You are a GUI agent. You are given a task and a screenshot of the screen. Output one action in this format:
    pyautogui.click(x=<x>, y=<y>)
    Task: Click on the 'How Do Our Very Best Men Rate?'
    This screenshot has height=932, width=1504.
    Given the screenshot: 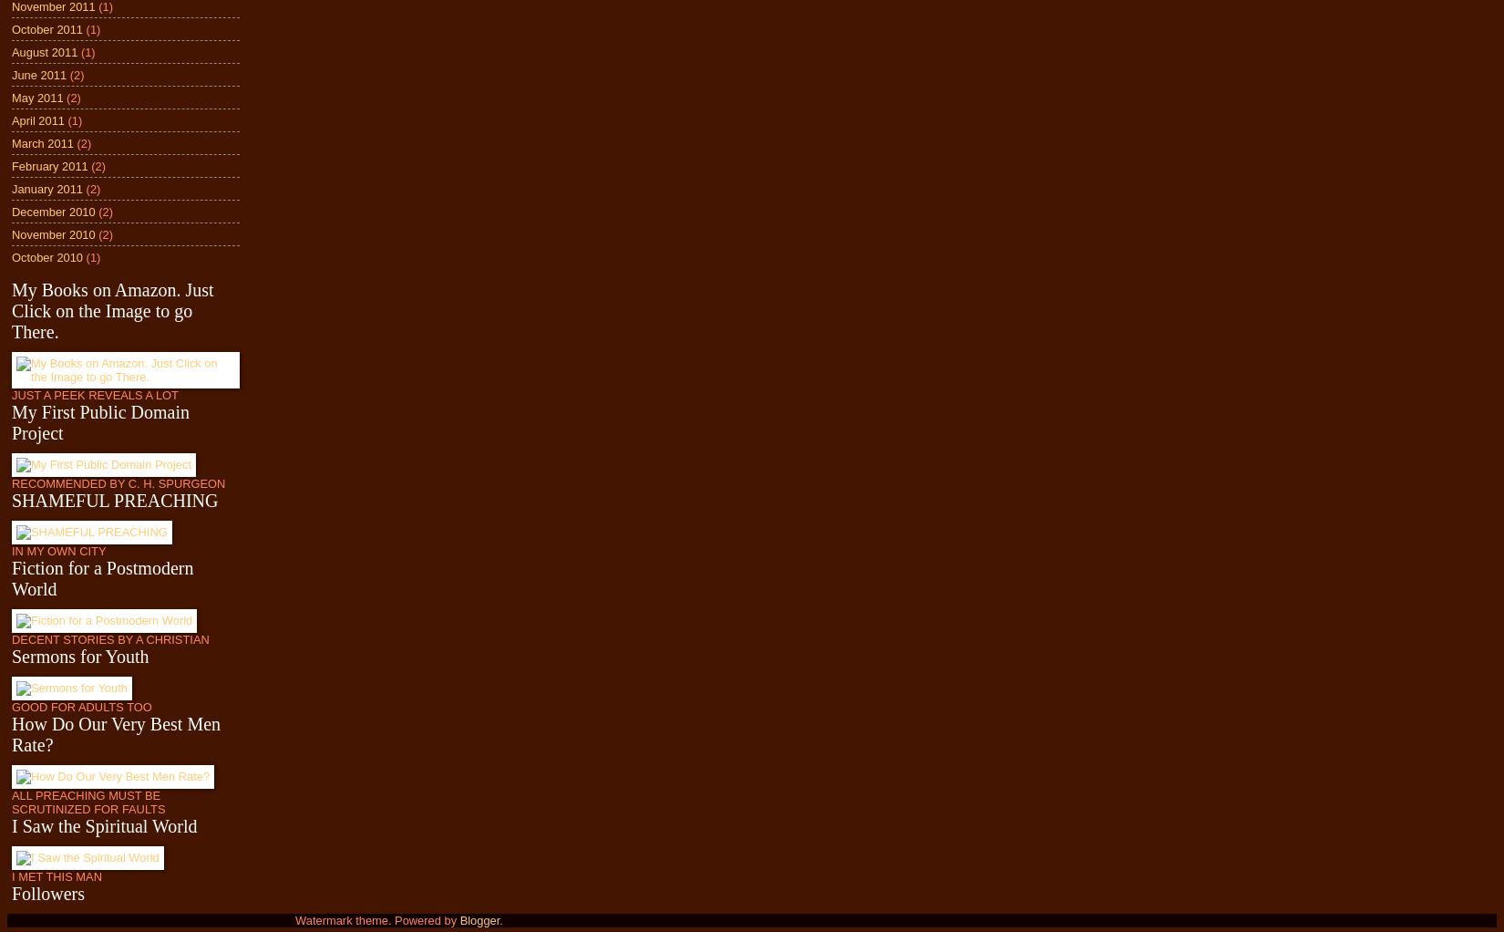 What is the action you would take?
    pyautogui.click(x=116, y=733)
    